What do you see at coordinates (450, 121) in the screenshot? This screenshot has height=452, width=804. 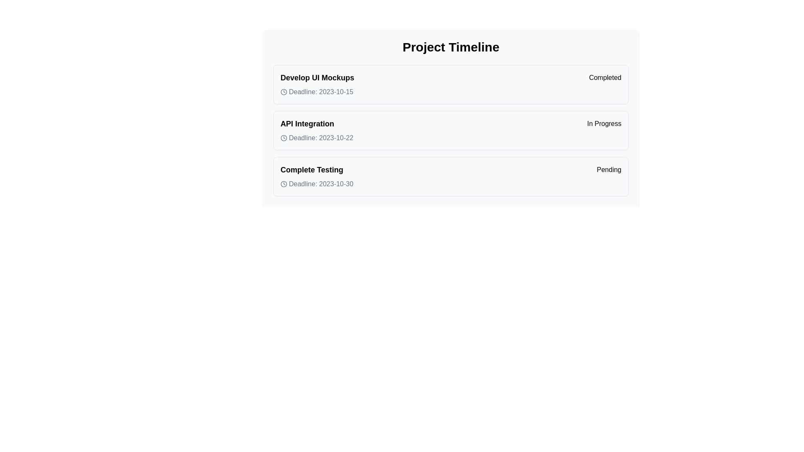 I see `textual information of the second task entry titled 'API Integration' in the project timeline, which is currently 'In Progress' and has a deadline of '2023-10-22'` at bounding box center [450, 121].